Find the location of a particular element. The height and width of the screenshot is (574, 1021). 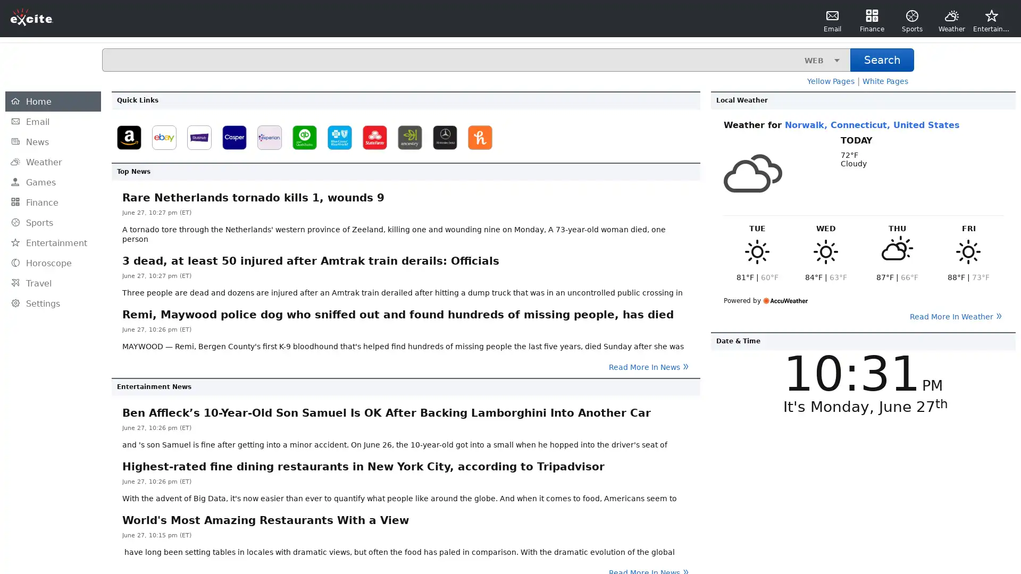

Search is located at coordinates (882, 60).